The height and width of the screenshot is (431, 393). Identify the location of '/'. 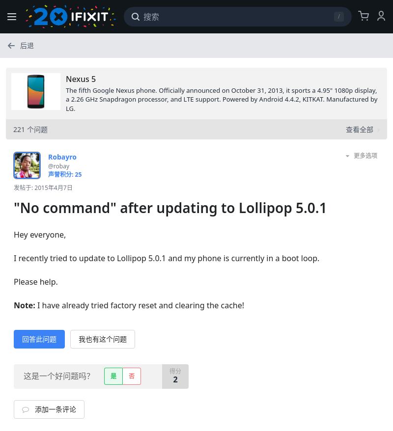
(338, 16).